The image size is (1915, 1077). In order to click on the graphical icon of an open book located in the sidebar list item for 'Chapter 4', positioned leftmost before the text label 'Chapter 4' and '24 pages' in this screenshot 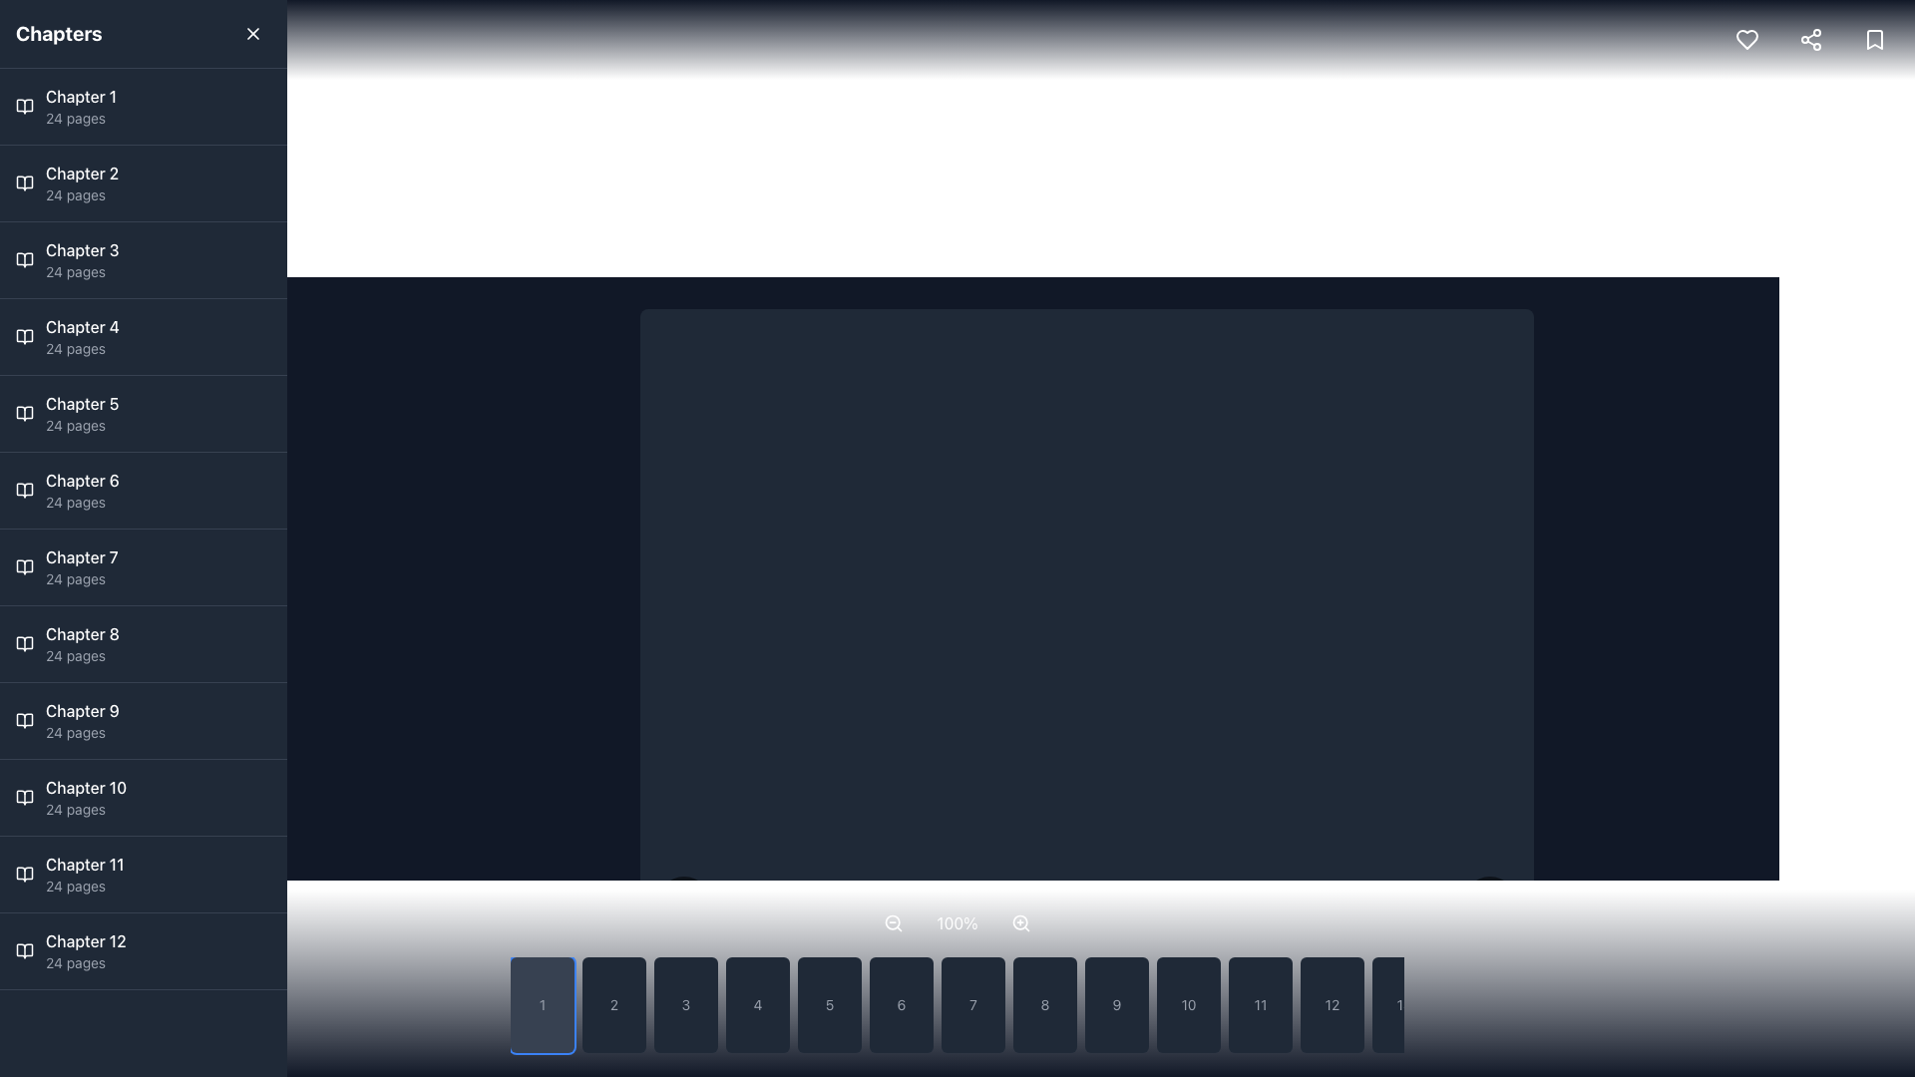, I will do `click(24, 336)`.